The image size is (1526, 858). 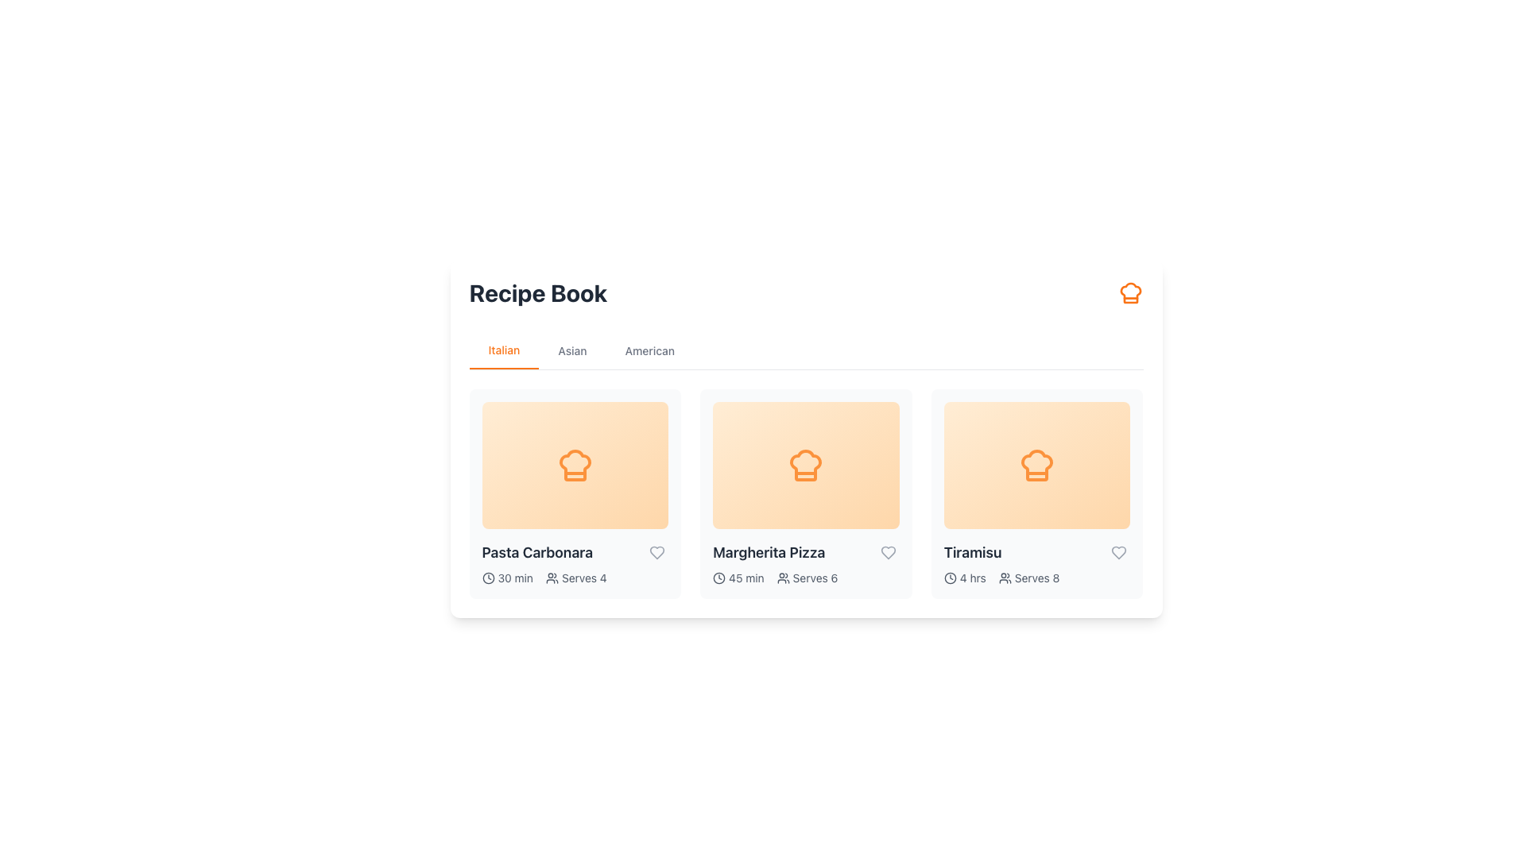 I want to click on the chef's hat icon with a bold orange outline located within the first card under the 'Italian' category, centered above the 'Pasta Carbonara' text, so click(x=574, y=465).